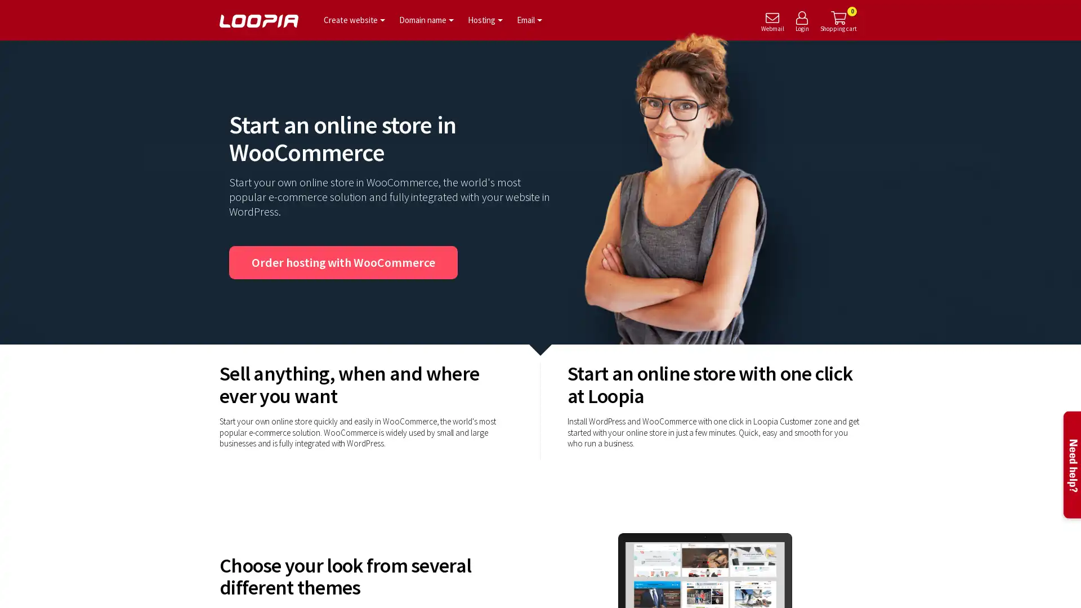 The width and height of the screenshot is (1081, 608). What do you see at coordinates (342, 262) in the screenshot?
I see `Order hosting with WooCommerce` at bounding box center [342, 262].